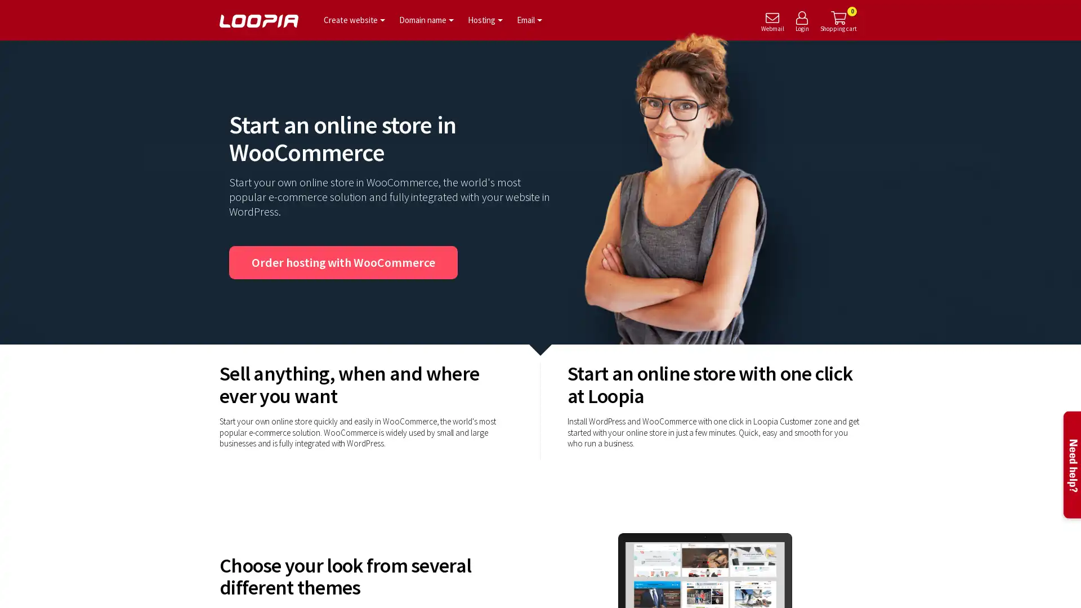 The width and height of the screenshot is (1081, 608). What do you see at coordinates (342, 262) in the screenshot?
I see `Order hosting with WooCommerce` at bounding box center [342, 262].